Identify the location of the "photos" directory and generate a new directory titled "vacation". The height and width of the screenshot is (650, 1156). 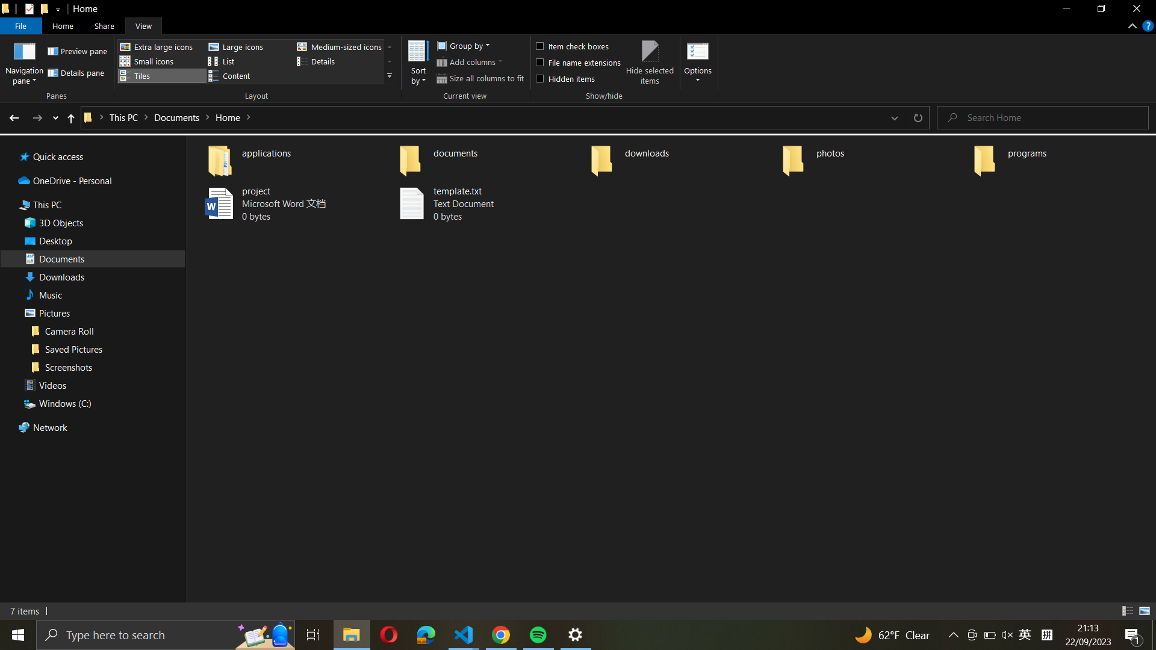
(872, 157).